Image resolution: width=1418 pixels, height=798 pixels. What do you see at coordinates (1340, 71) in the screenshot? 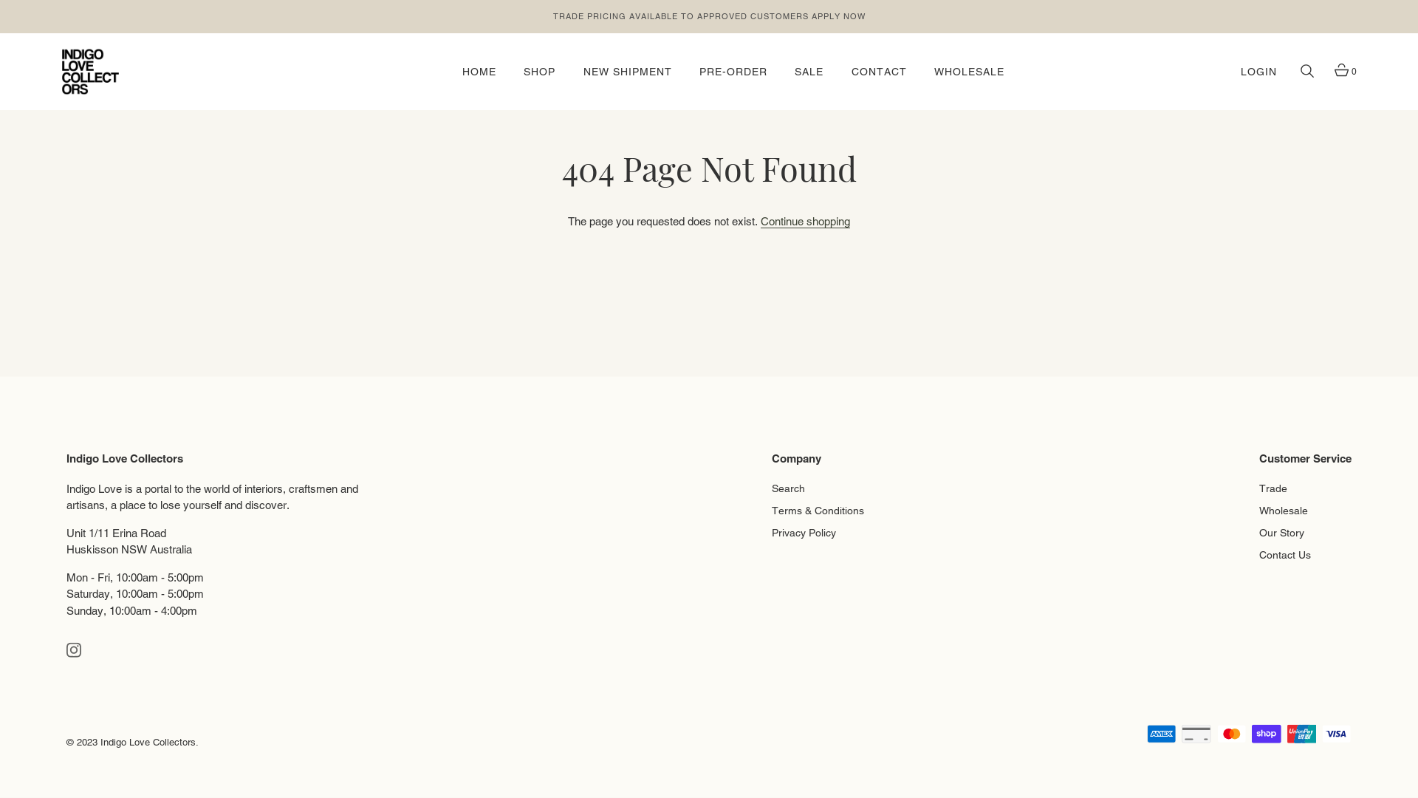
I see `'0'` at bounding box center [1340, 71].